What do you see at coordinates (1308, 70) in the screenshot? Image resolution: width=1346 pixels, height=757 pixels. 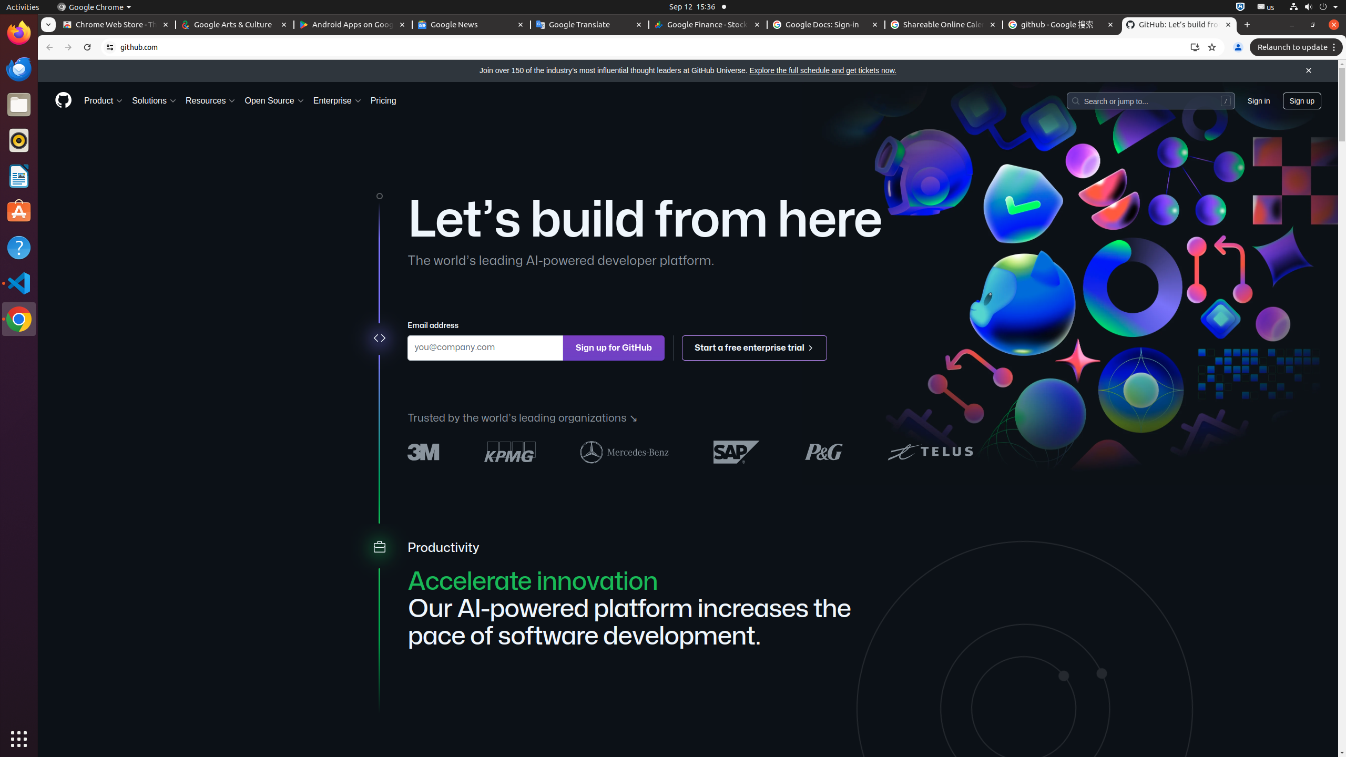 I see `'Close'` at bounding box center [1308, 70].